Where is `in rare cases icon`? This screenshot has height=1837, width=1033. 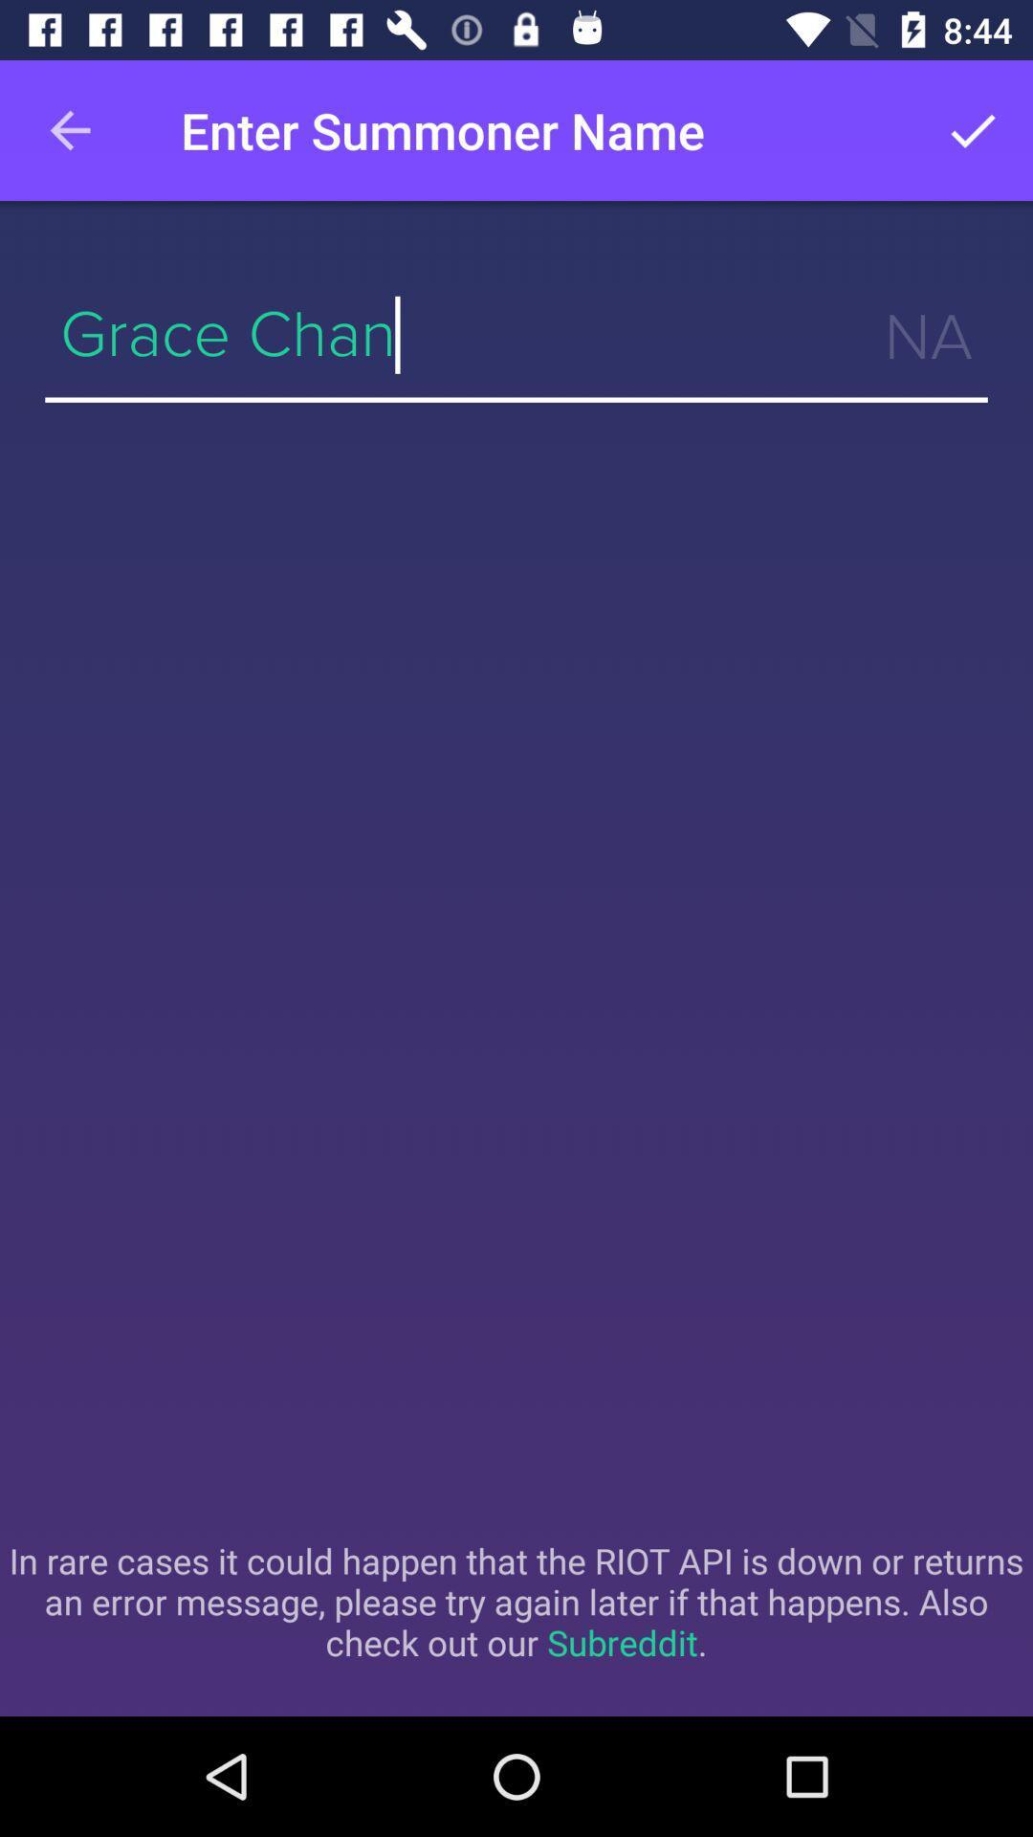
in rare cases icon is located at coordinates (516, 1602).